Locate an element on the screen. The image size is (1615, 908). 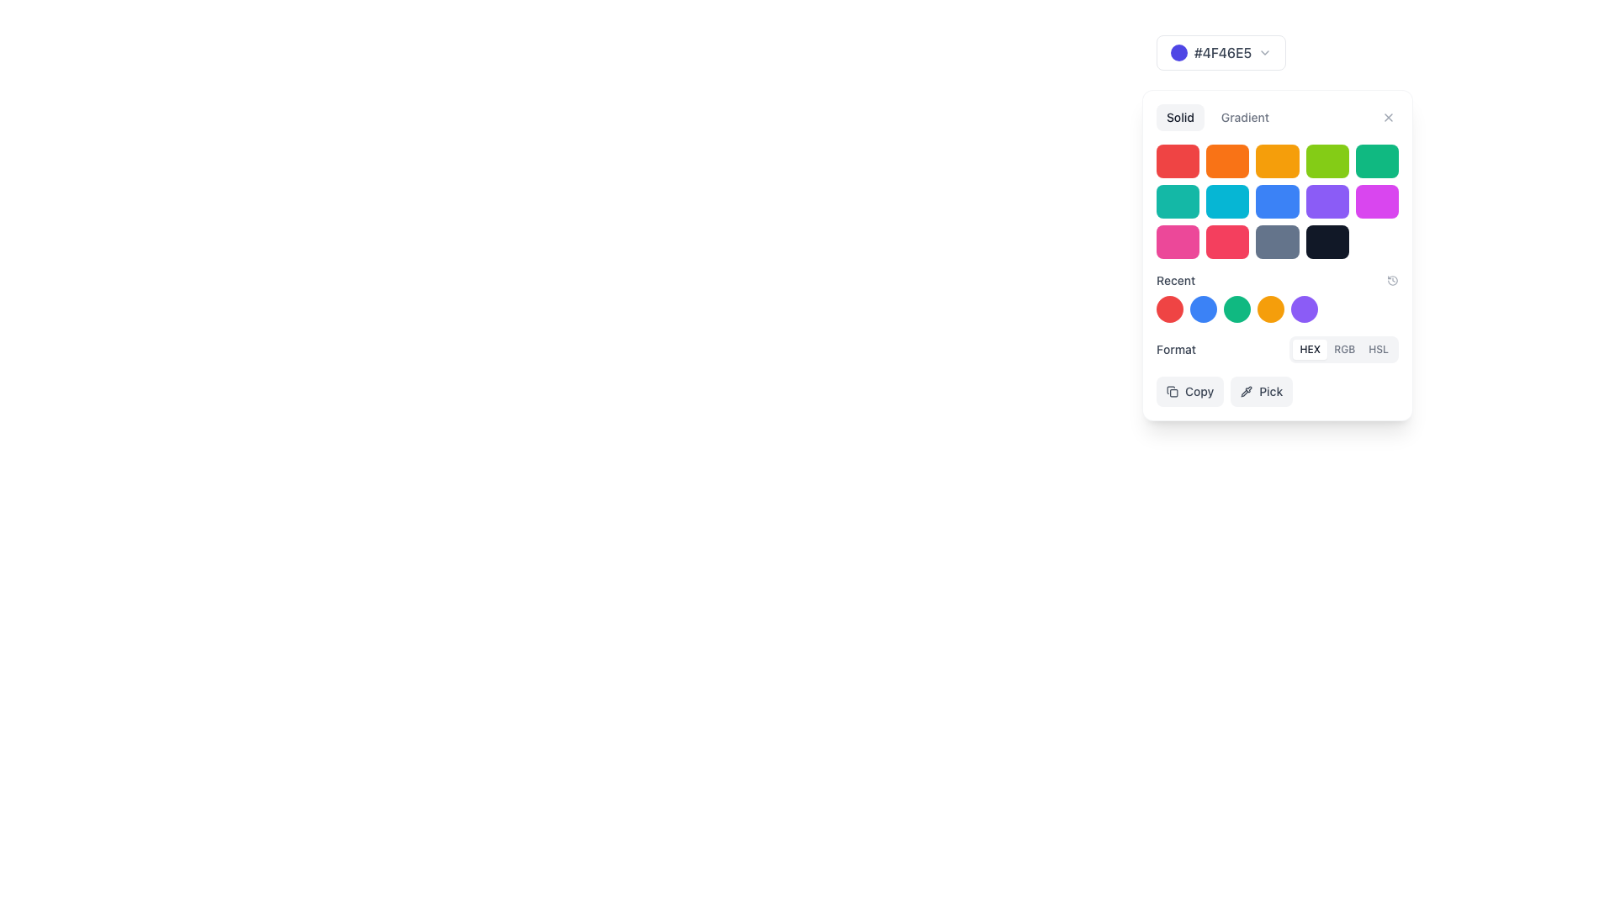
the cyan color choice button located in the second row and second column of the grid is located at coordinates (1227, 200).